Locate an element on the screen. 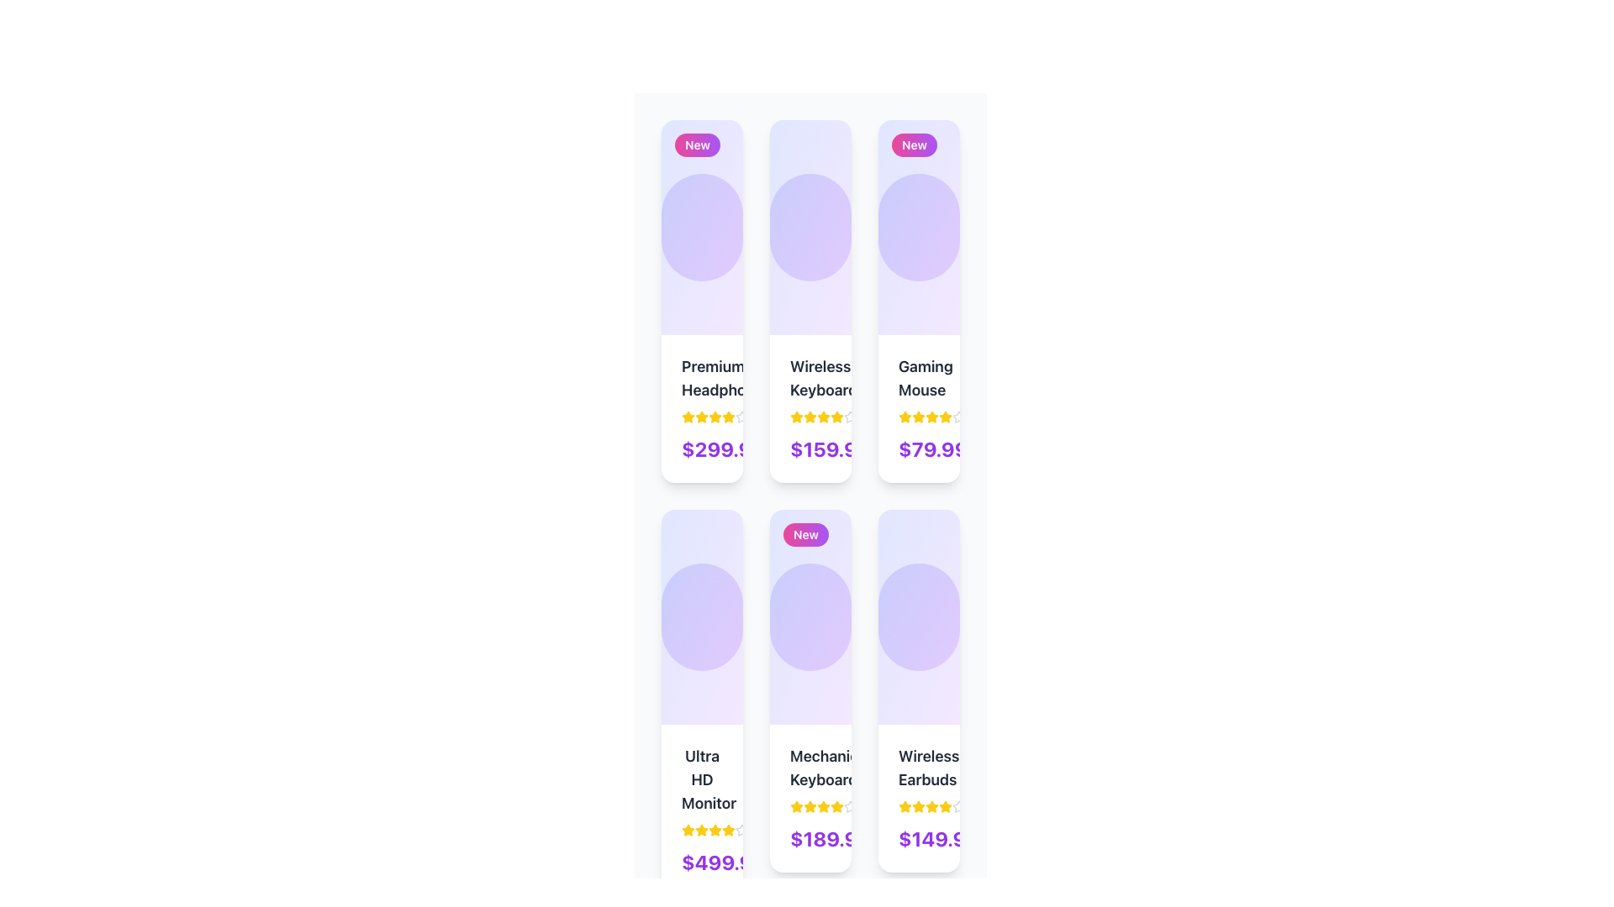 This screenshot has height=907, width=1614. text content displaying the price of the 'Ultra HD Monitor' located at the bottom-center of the card in the grid layout is located at coordinates (702, 862).